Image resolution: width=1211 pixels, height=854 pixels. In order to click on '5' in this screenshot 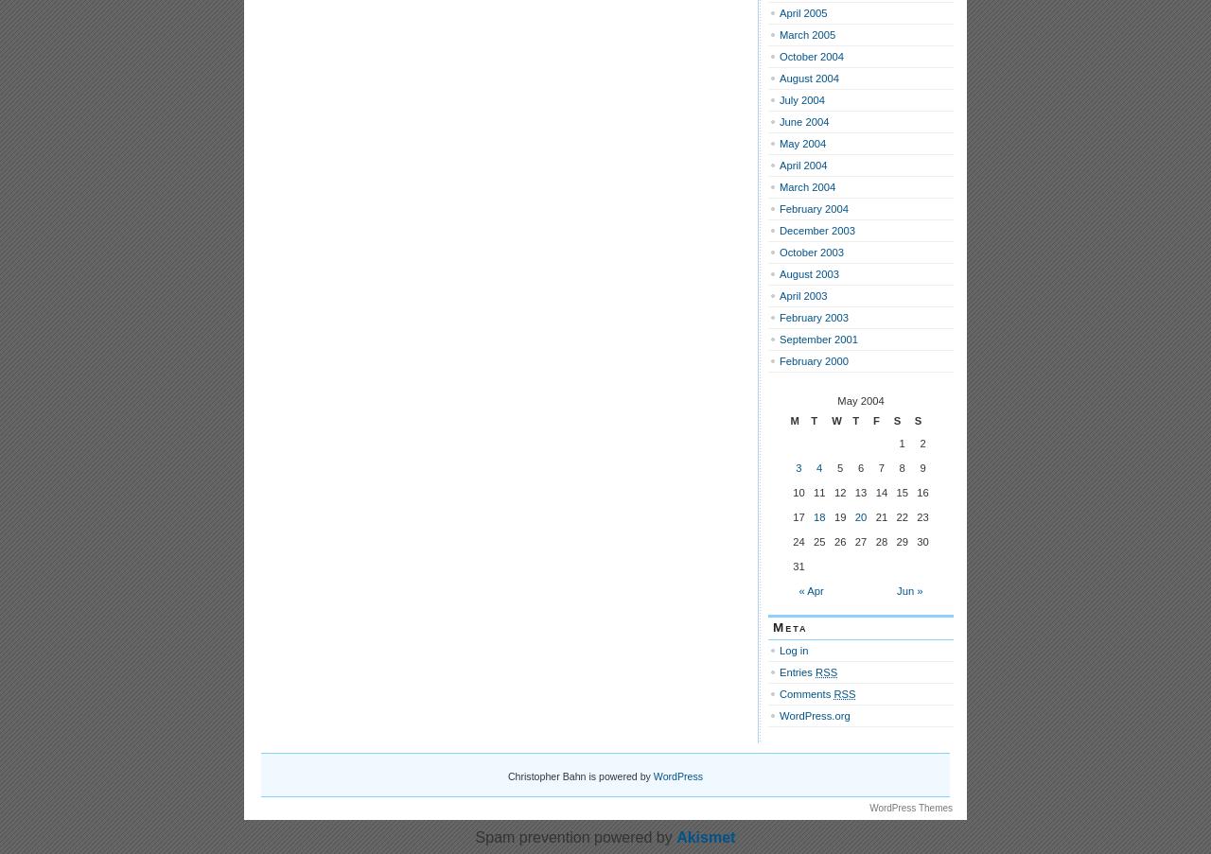, I will do `click(835, 468)`.